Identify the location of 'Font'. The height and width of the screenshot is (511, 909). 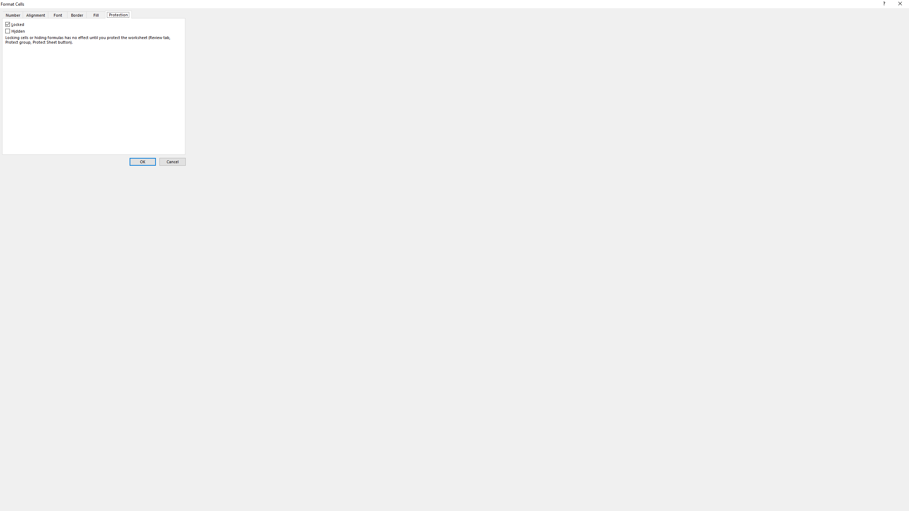
(58, 15).